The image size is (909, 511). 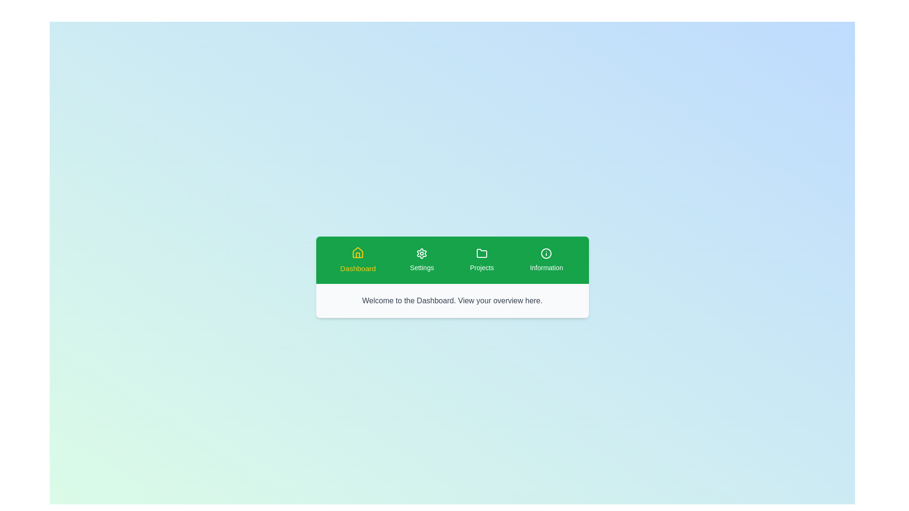 I want to click on the tab button labeled Projects to activate it, so click(x=481, y=260).